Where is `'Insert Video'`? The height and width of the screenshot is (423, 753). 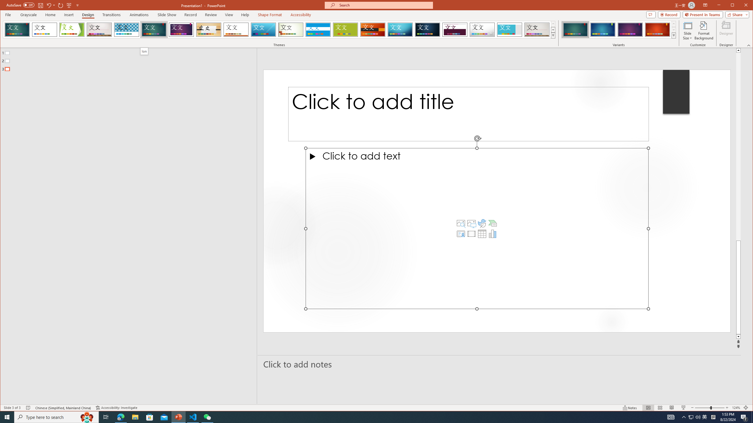
'Insert Video' is located at coordinates (471, 234).